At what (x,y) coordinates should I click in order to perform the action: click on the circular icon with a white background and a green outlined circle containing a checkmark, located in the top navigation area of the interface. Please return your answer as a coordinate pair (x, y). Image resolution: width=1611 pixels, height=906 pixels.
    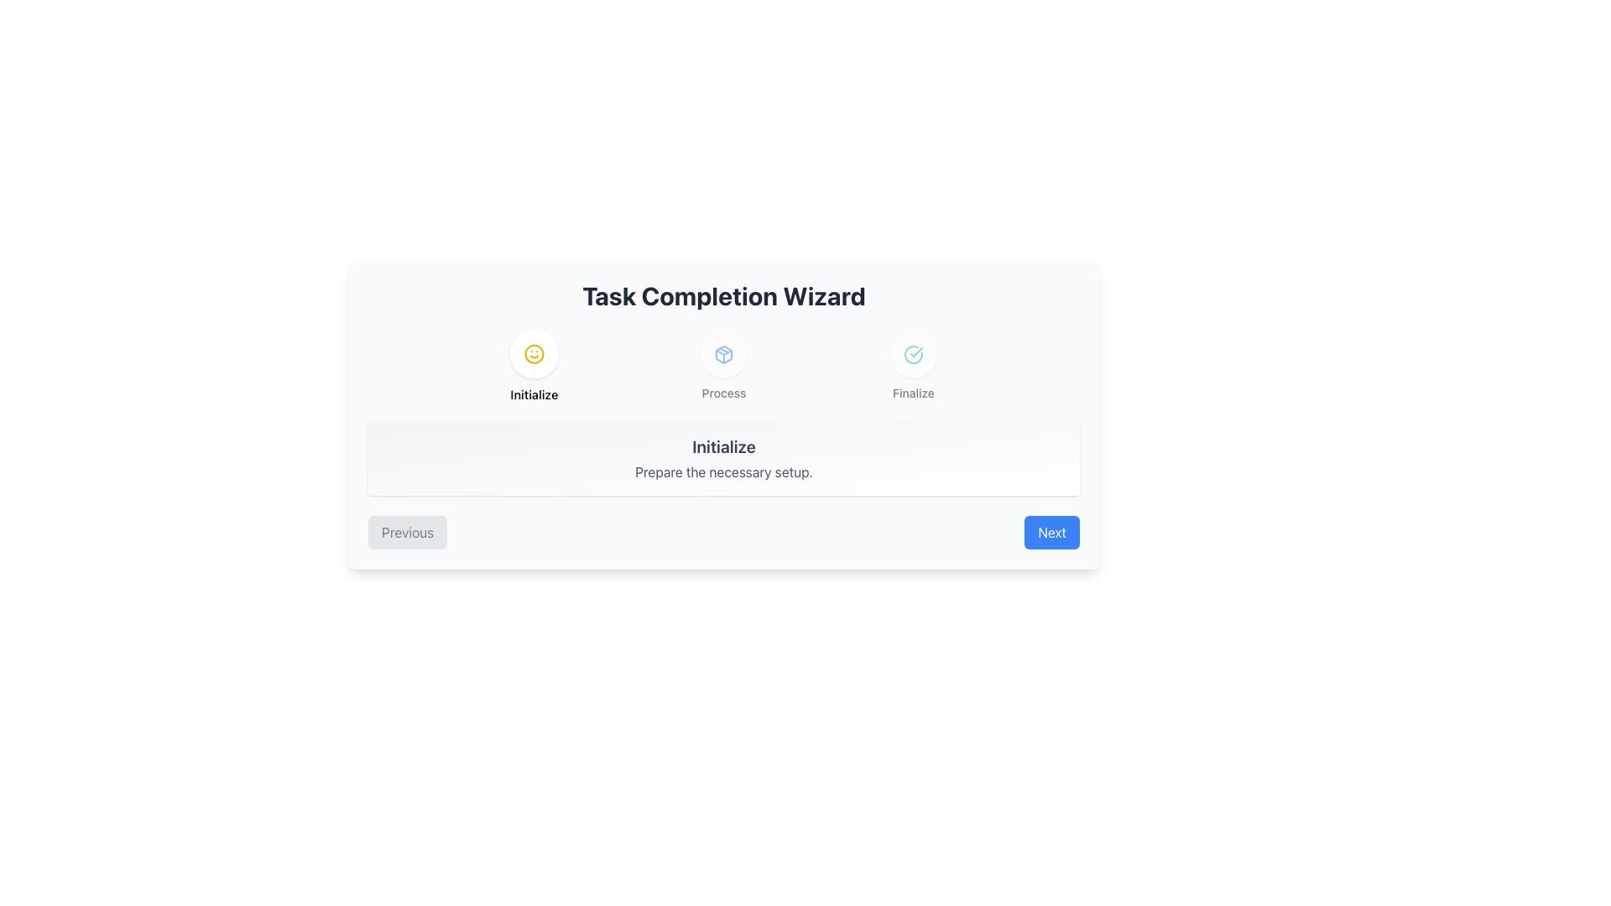
    Looking at the image, I should click on (913, 354).